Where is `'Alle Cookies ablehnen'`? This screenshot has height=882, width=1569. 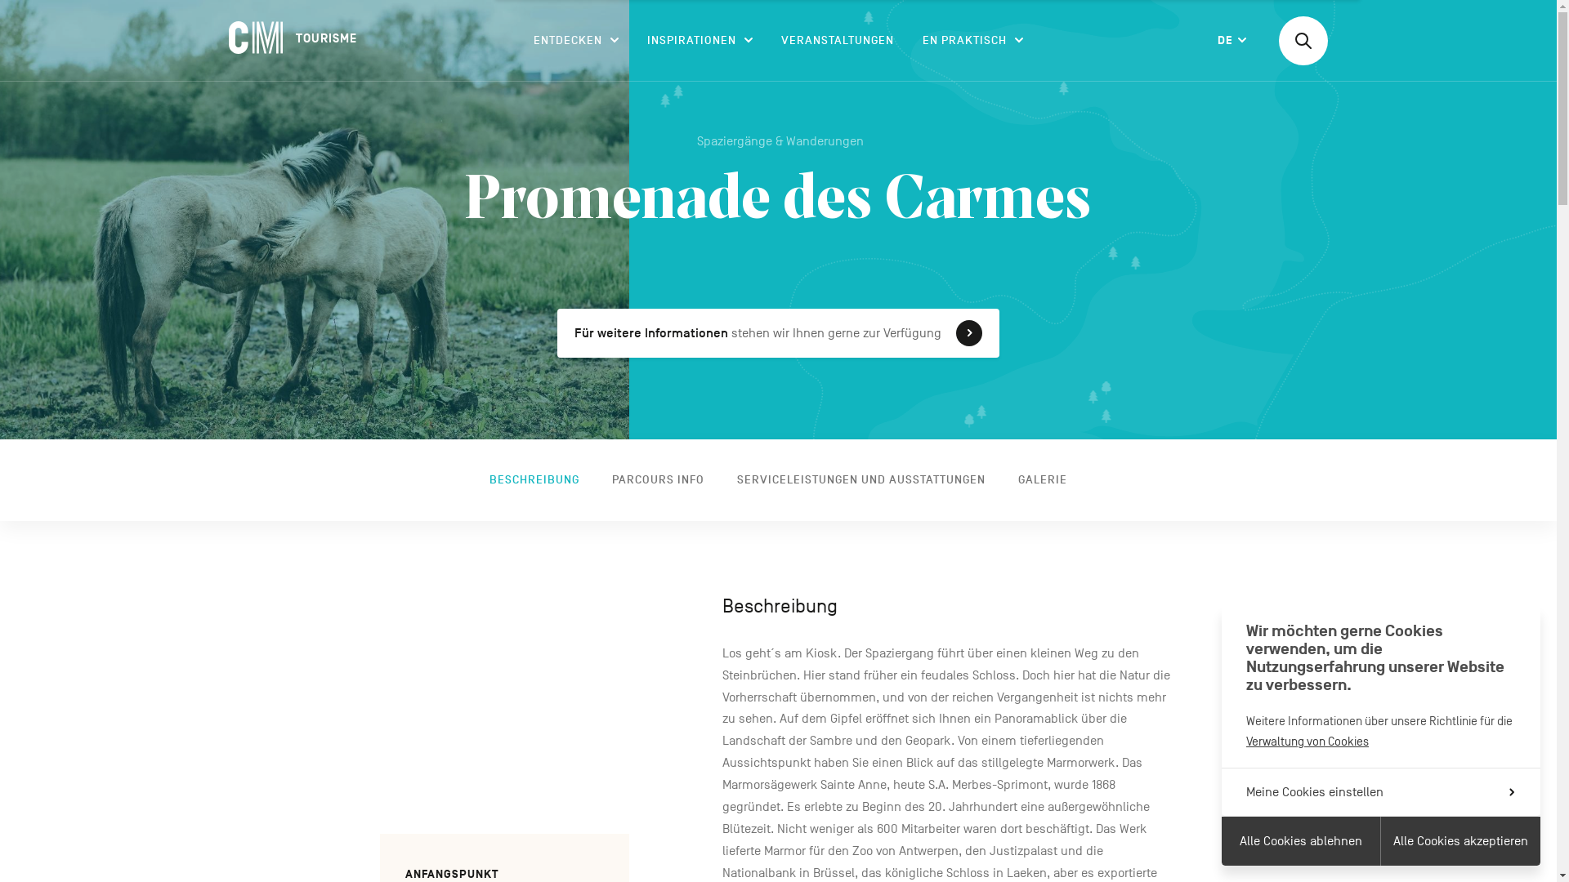
'Alle Cookies ablehnen' is located at coordinates (1300, 840).